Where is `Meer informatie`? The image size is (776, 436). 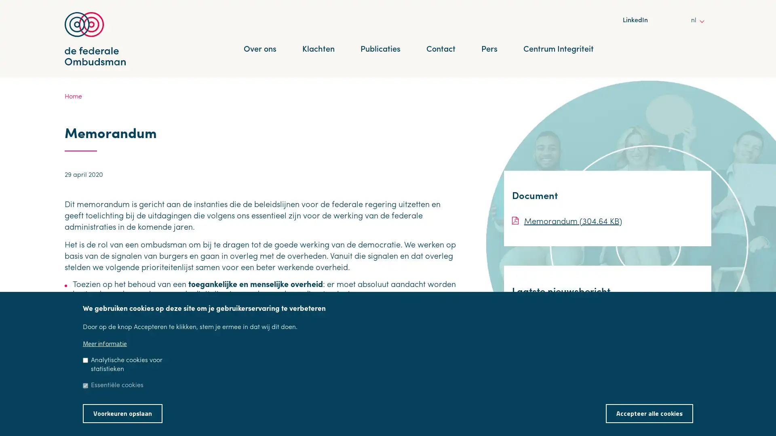 Meer informatie is located at coordinates (104, 344).